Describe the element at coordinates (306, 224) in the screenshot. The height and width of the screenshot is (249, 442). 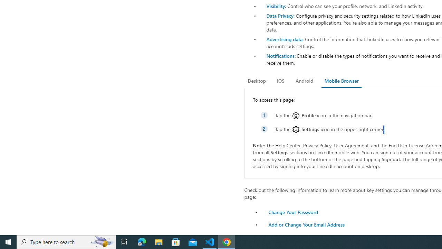
I see `'Add or Change Your Email Address'` at that location.